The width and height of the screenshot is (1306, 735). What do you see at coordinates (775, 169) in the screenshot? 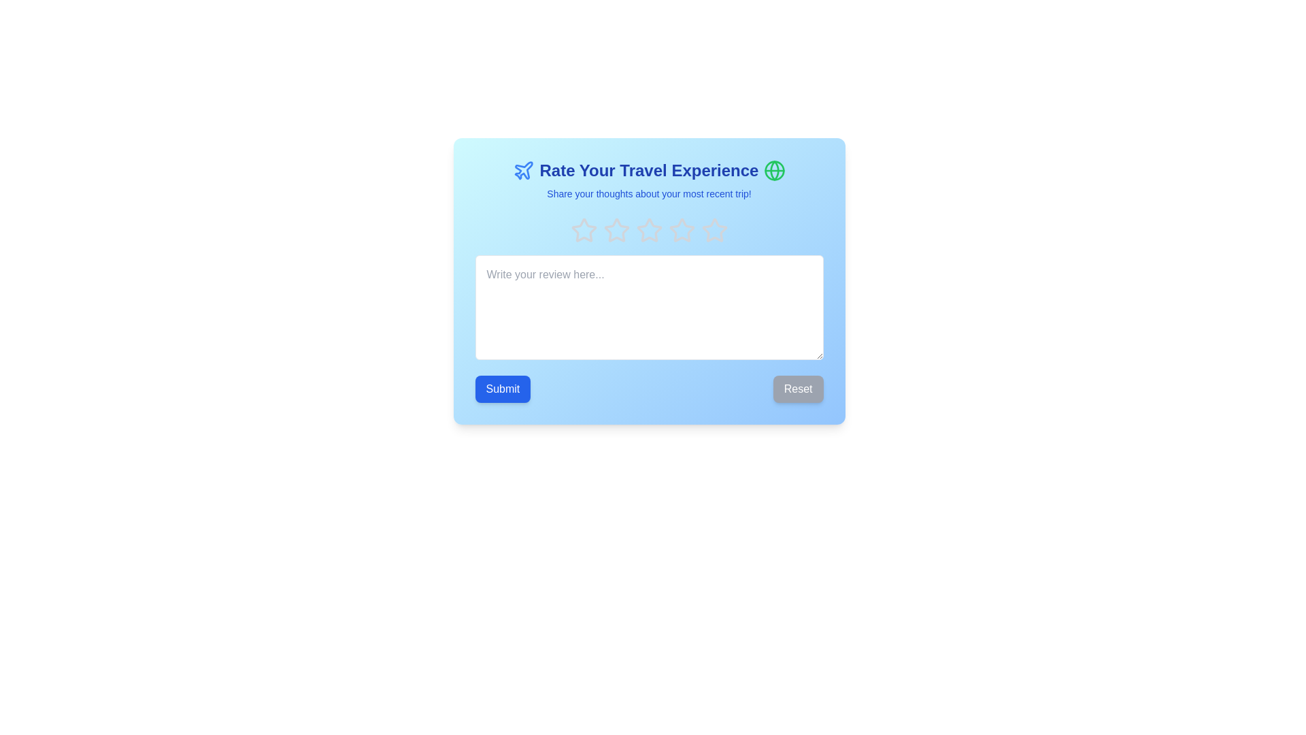
I see `the green circular globe-shaped icon located at the top-right of the 'Rate Your Travel Experience' section` at bounding box center [775, 169].